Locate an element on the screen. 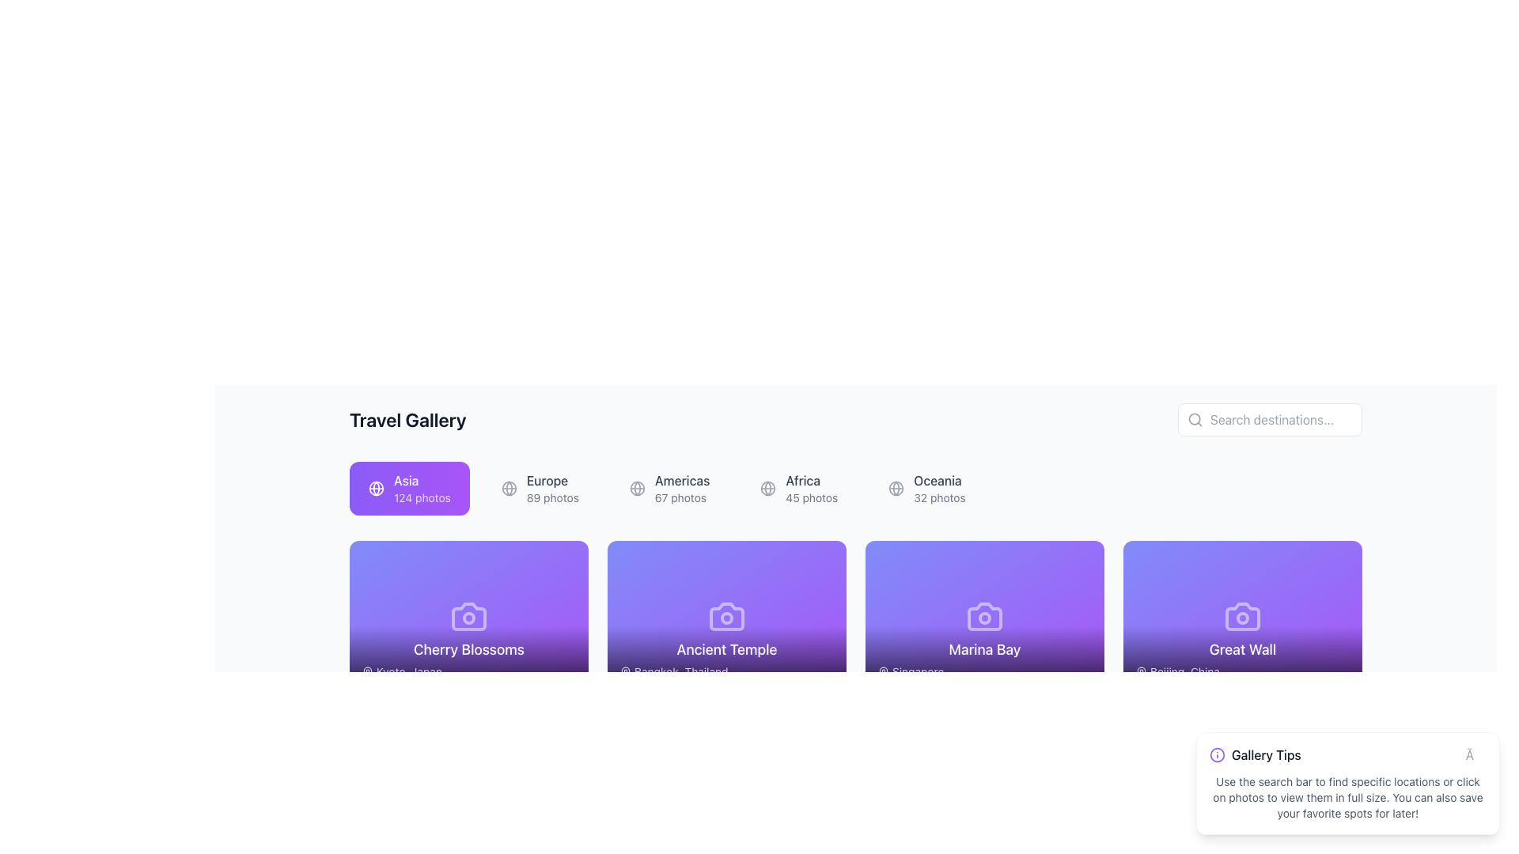  the gray globe icon representing the Americas in the navigation section is located at coordinates (637, 487).